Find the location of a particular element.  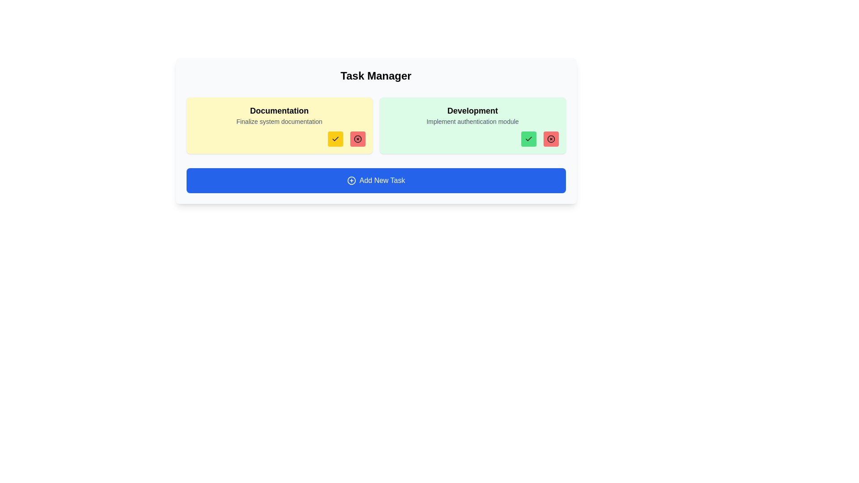

the red button with rounded corners and an 'X' icon, located at the top-right corner inside the yellow background section labeled 'Documentation' is located at coordinates (357, 139).